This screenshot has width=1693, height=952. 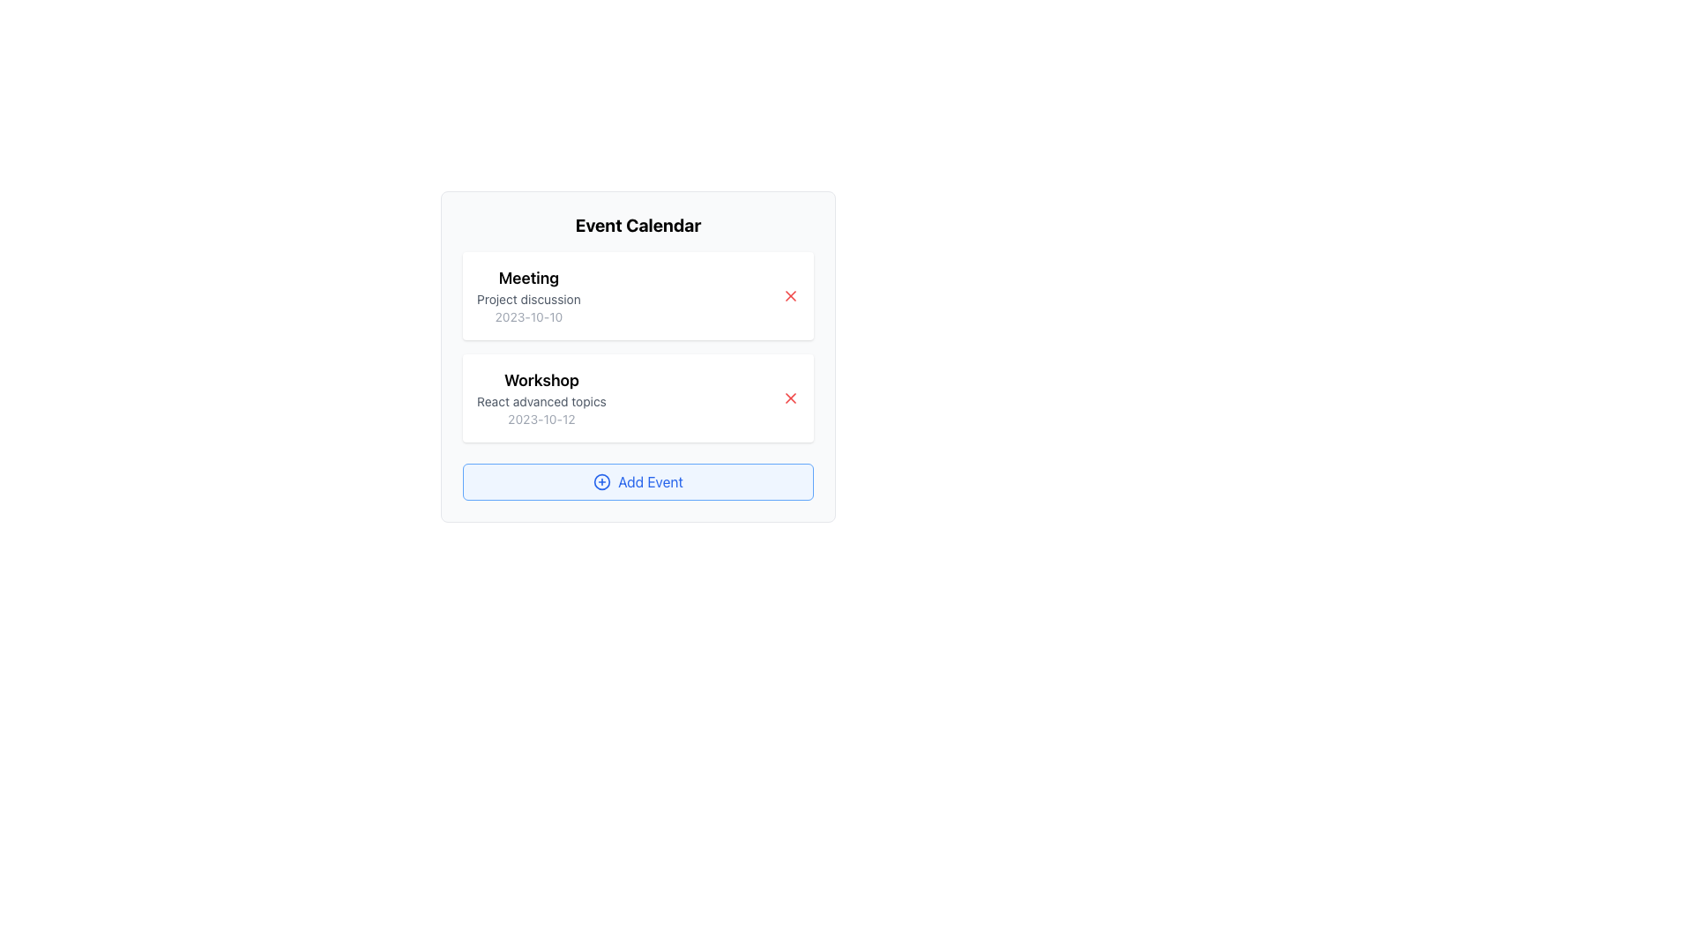 What do you see at coordinates (638, 294) in the screenshot?
I see `to interact with the first event item card in the vertical list of event cards located in the middle of the event calendar component` at bounding box center [638, 294].